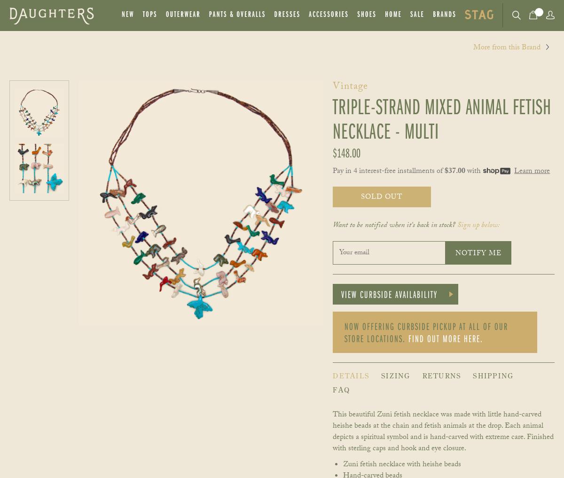 This screenshot has width=564, height=478. I want to click on 'Go to checkout, fill out your shipping information, and then choose Klarna as a payment method.', so click(285, 466).